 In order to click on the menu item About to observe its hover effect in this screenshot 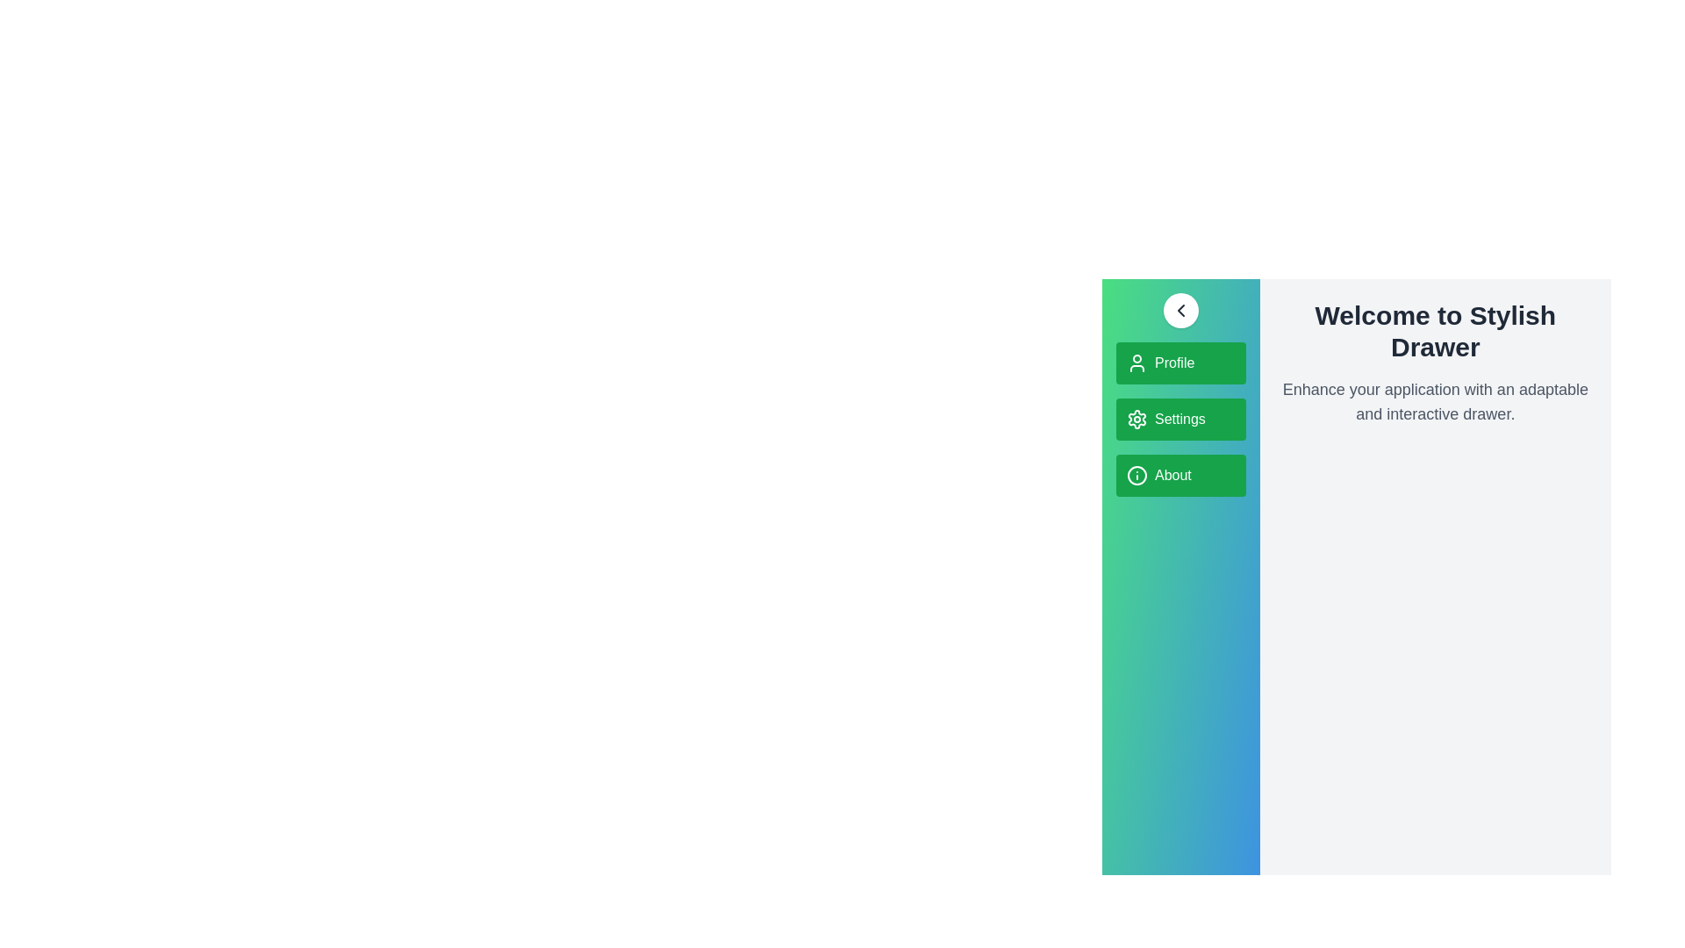, I will do `click(1180, 476)`.